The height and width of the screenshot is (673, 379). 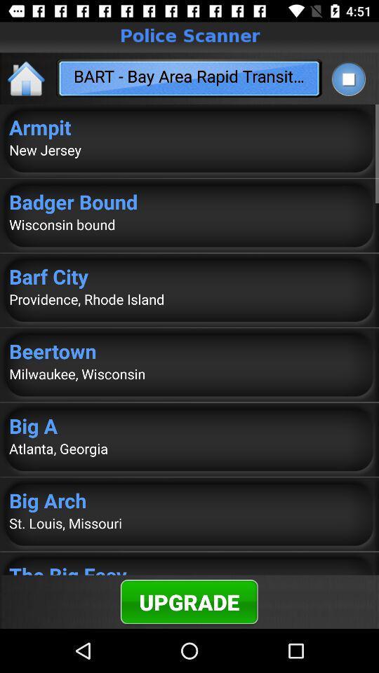 What do you see at coordinates (189, 276) in the screenshot?
I see `the barf city icon` at bounding box center [189, 276].